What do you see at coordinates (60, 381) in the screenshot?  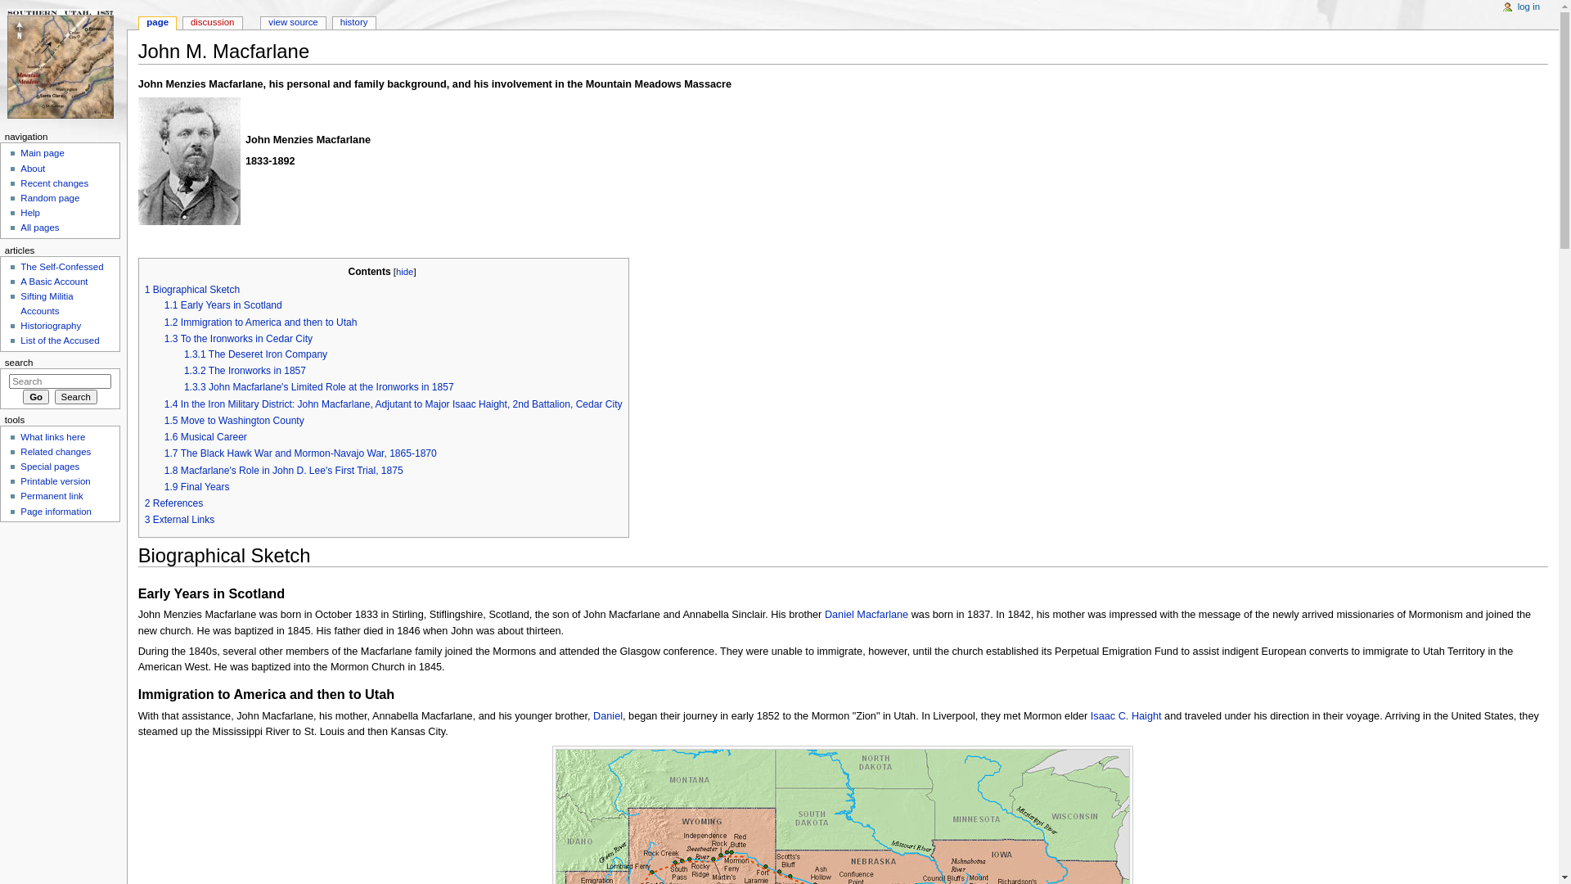 I see `'Search The 1857 Iron County Militia Project [alt-shift-f]'` at bounding box center [60, 381].